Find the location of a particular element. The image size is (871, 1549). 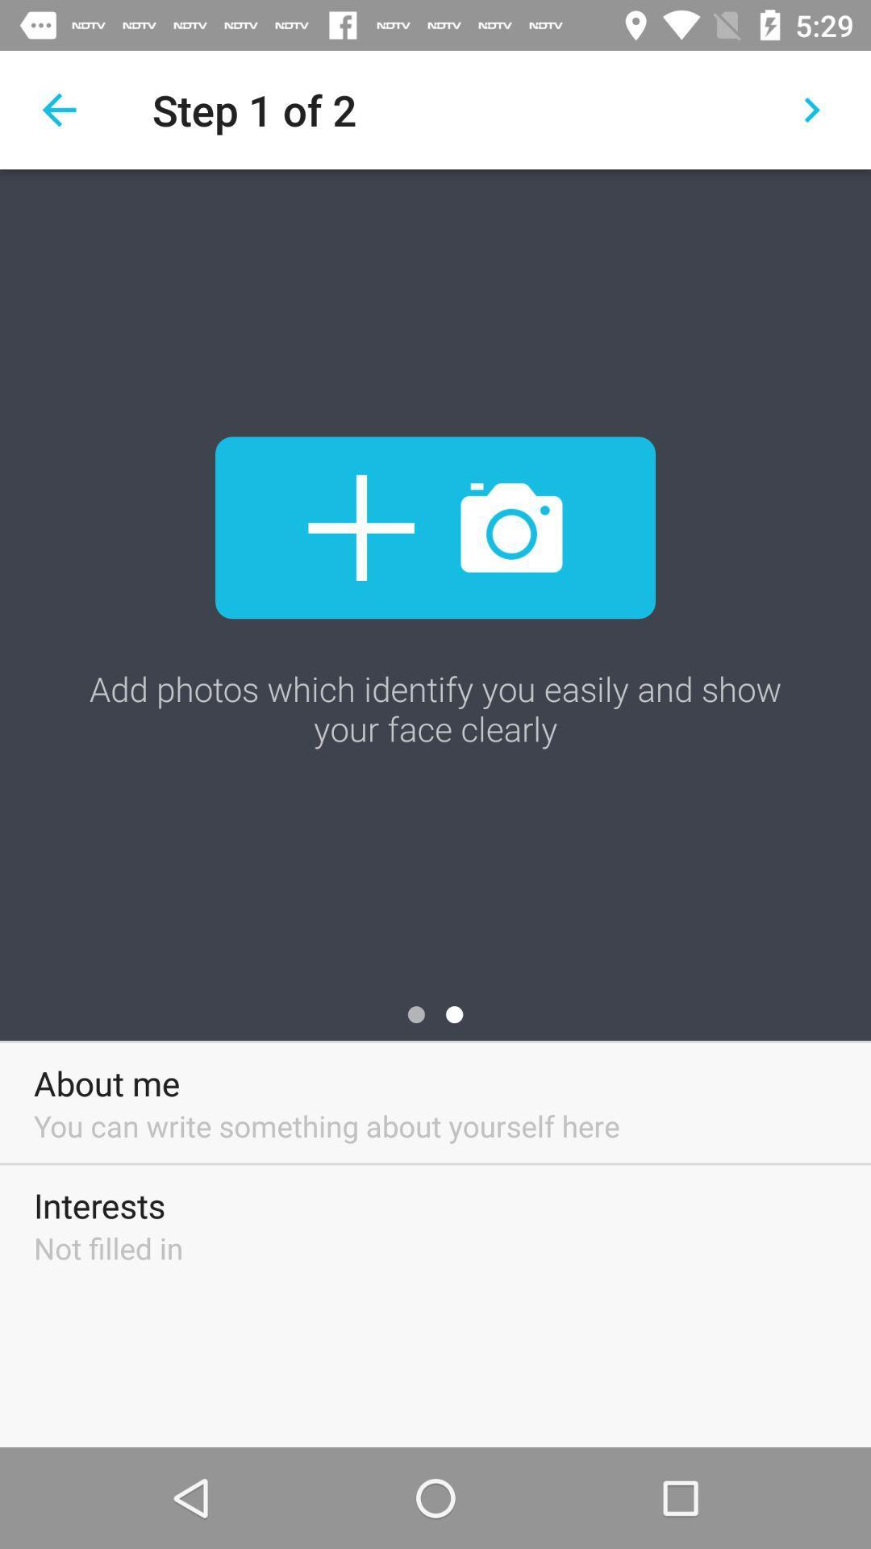

item to the left of the step 1 of icon is located at coordinates (58, 109).